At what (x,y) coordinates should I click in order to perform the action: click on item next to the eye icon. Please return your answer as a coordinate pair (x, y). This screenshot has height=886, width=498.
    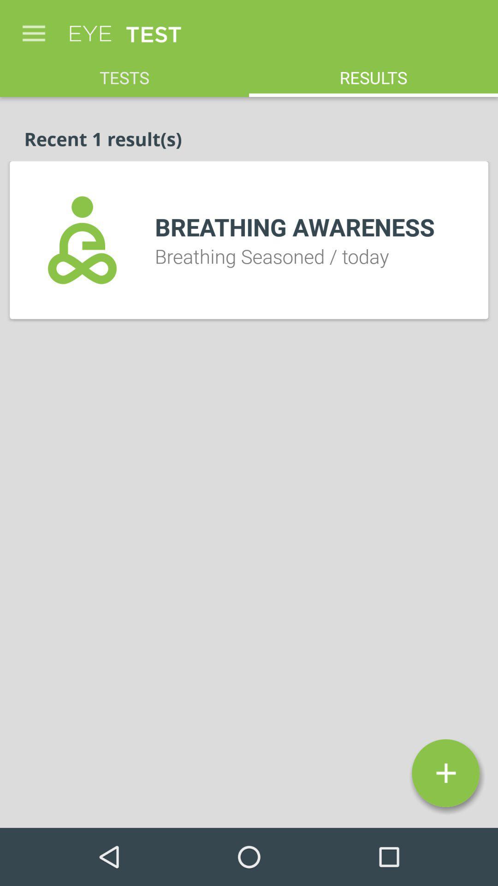
    Looking at the image, I should click on (33, 29).